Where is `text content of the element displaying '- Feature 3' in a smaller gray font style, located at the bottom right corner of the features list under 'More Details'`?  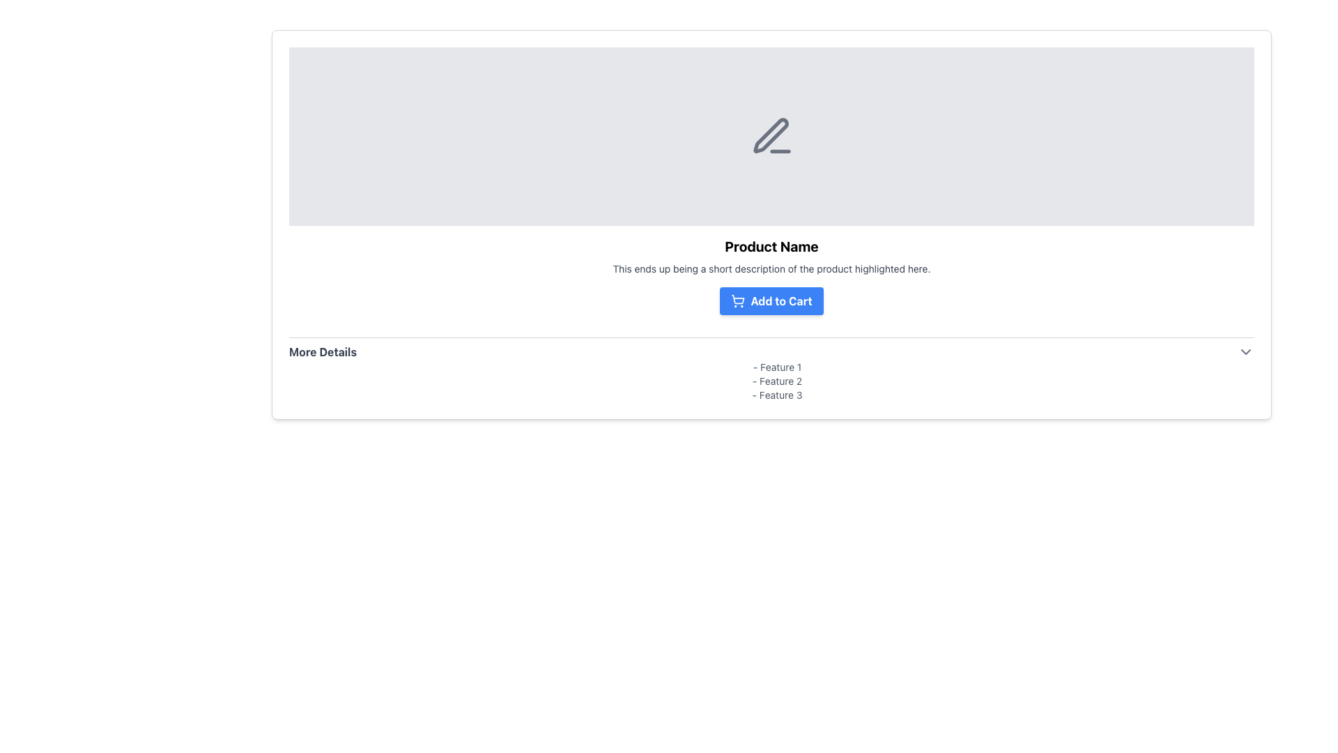
text content of the element displaying '- Feature 3' in a smaller gray font style, located at the bottom right corner of the features list under 'More Details' is located at coordinates (776, 395).